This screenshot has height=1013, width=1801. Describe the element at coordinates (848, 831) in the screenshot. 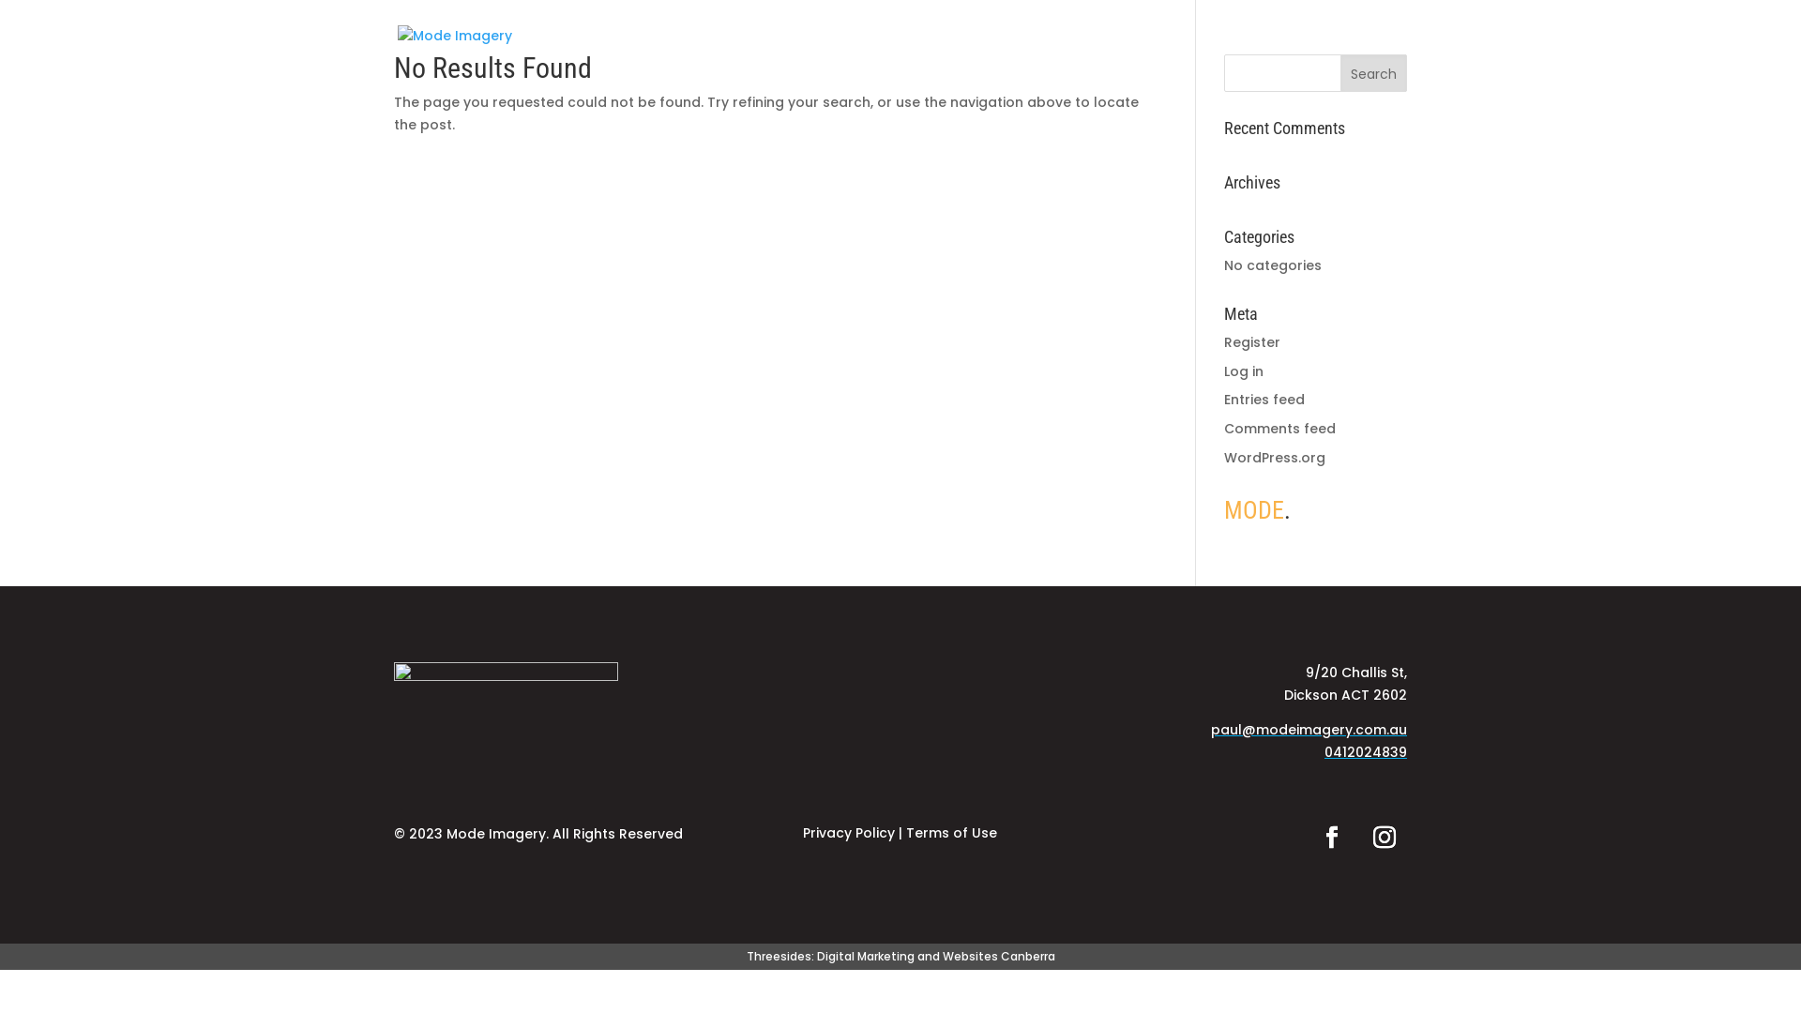

I see `'Privacy Policy'` at that location.